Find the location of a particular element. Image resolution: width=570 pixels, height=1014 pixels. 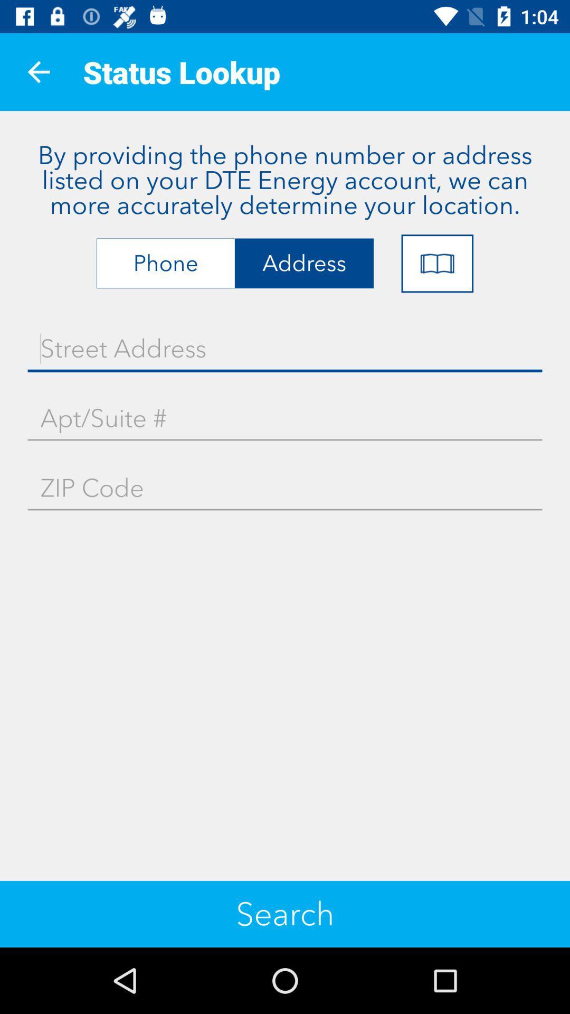

icon next to the address item is located at coordinates (437, 264).